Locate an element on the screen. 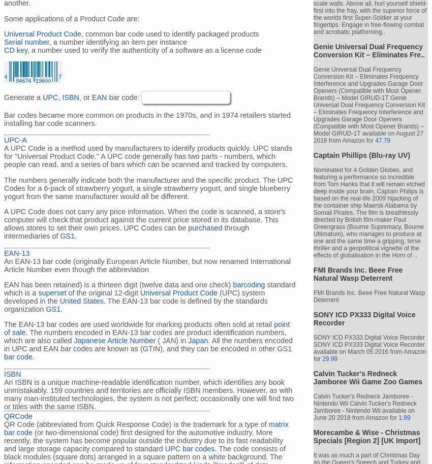 This screenshot has height=464, width=432. 'purchased' is located at coordinates (205, 227).